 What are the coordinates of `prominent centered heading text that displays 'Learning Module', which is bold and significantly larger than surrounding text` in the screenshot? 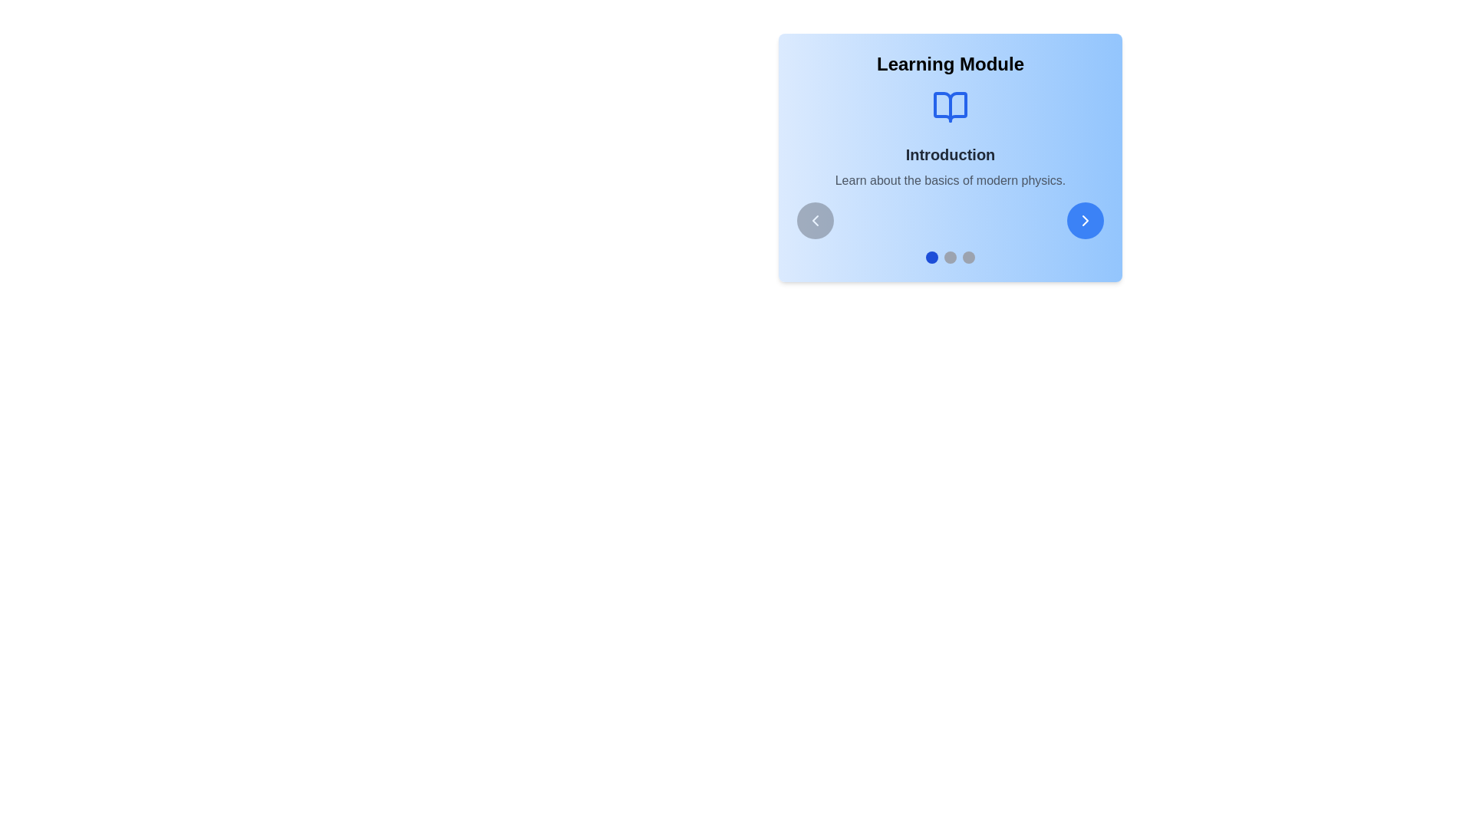 It's located at (949, 64).